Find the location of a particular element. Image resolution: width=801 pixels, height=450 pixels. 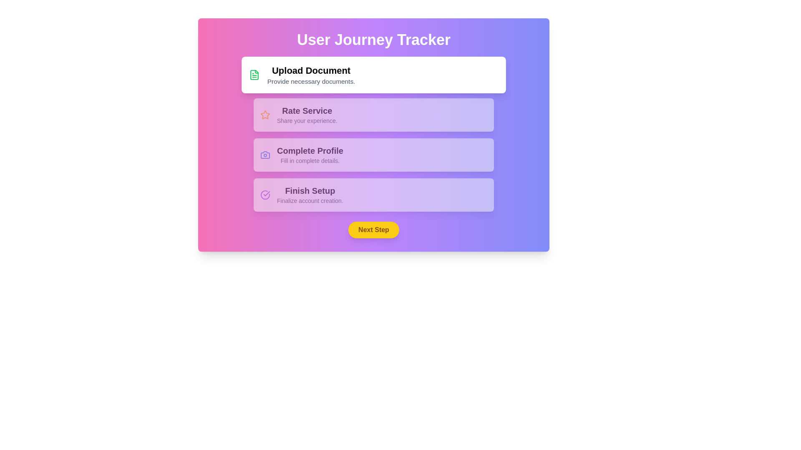

the instructional text label located directly beneath the 'Upload Document' text, providing additional details about the upload action is located at coordinates (311, 81).